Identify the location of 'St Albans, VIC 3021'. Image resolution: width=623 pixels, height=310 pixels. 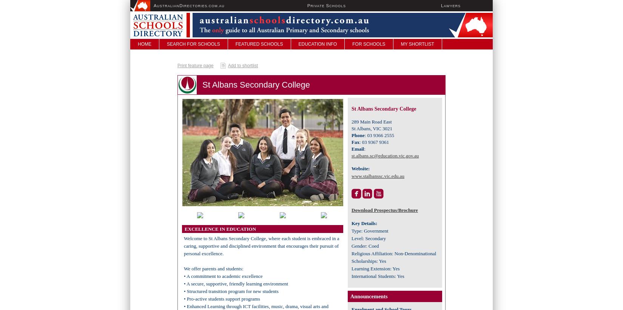
(372, 128).